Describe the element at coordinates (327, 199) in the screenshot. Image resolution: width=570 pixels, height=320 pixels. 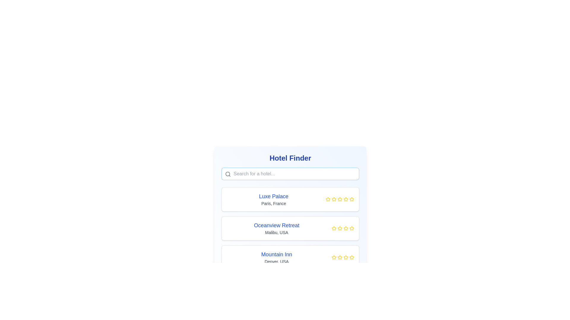
I see `the first rating star icon next to the hotel title 'Luxe Palace'` at that location.